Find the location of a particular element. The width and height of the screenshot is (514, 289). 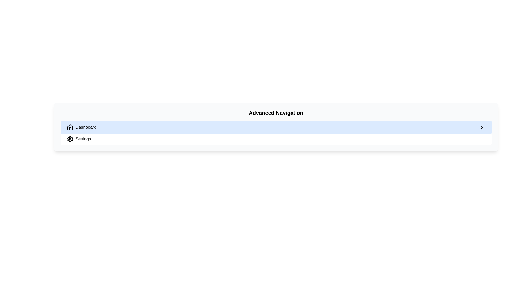

the right-facing chevron icon in the 'Dashboard' section is located at coordinates (482, 127).